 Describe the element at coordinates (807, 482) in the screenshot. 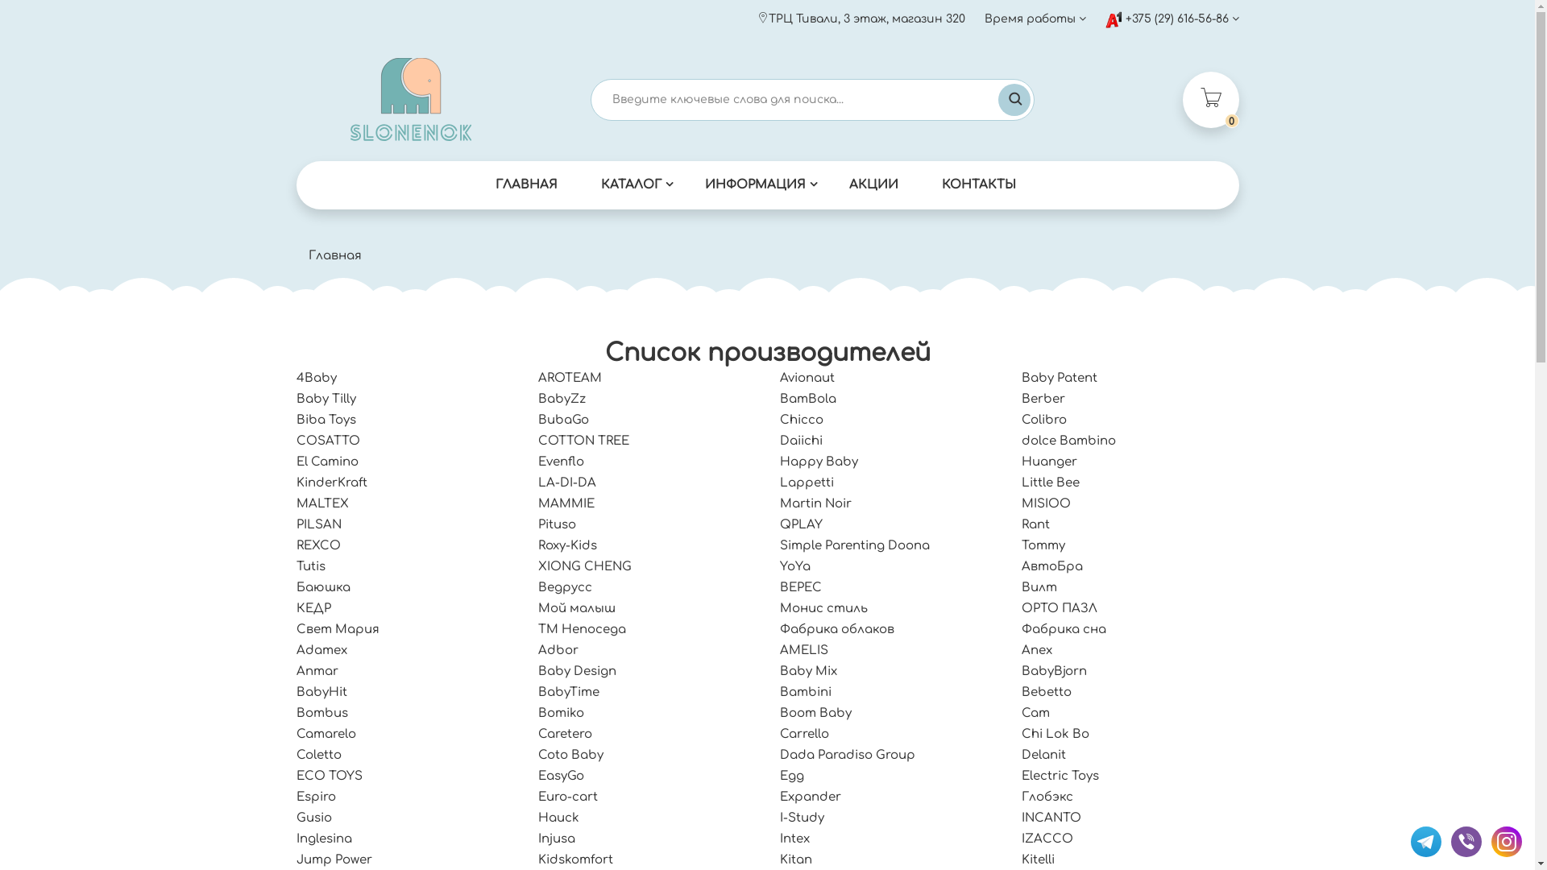

I see `'Lappetti'` at that location.